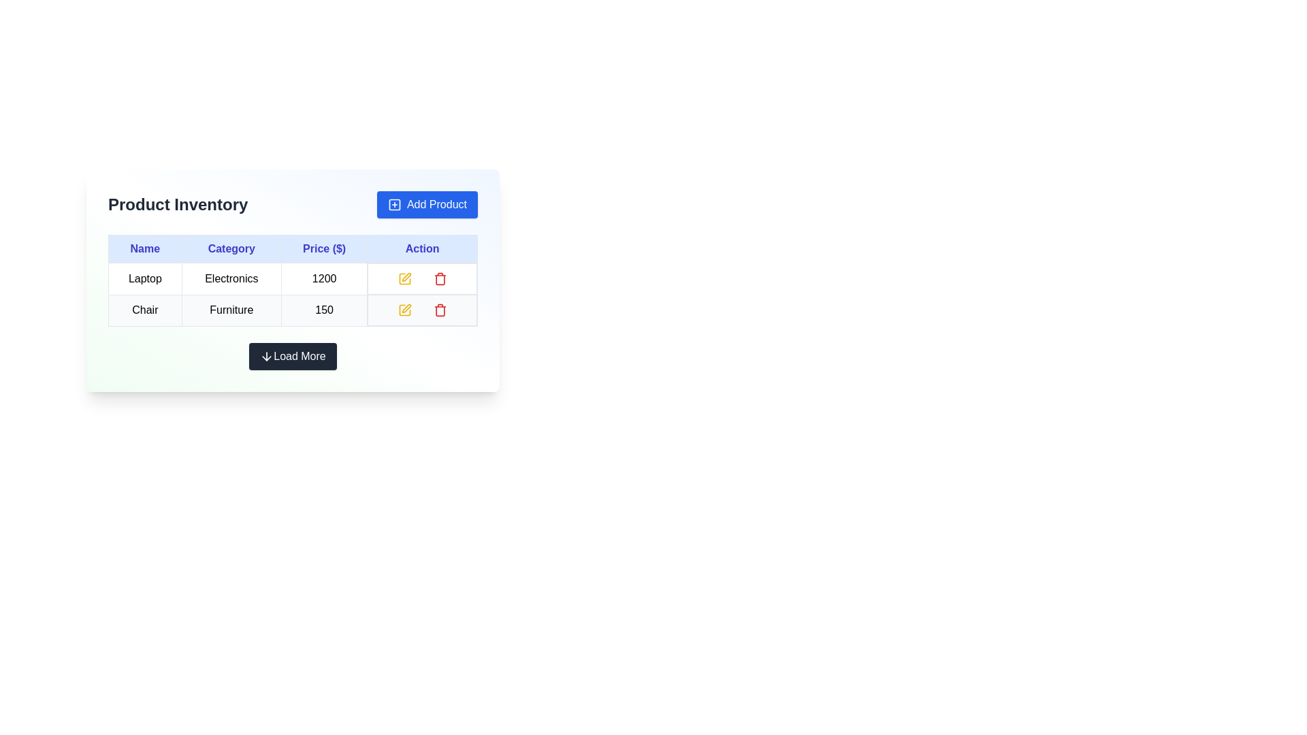 This screenshot has height=735, width=1307. I want to click on the edit button in the second row of the 'Action' column for the 'Chair' entry in the 'Product Inventory' table, so click(404, 278).